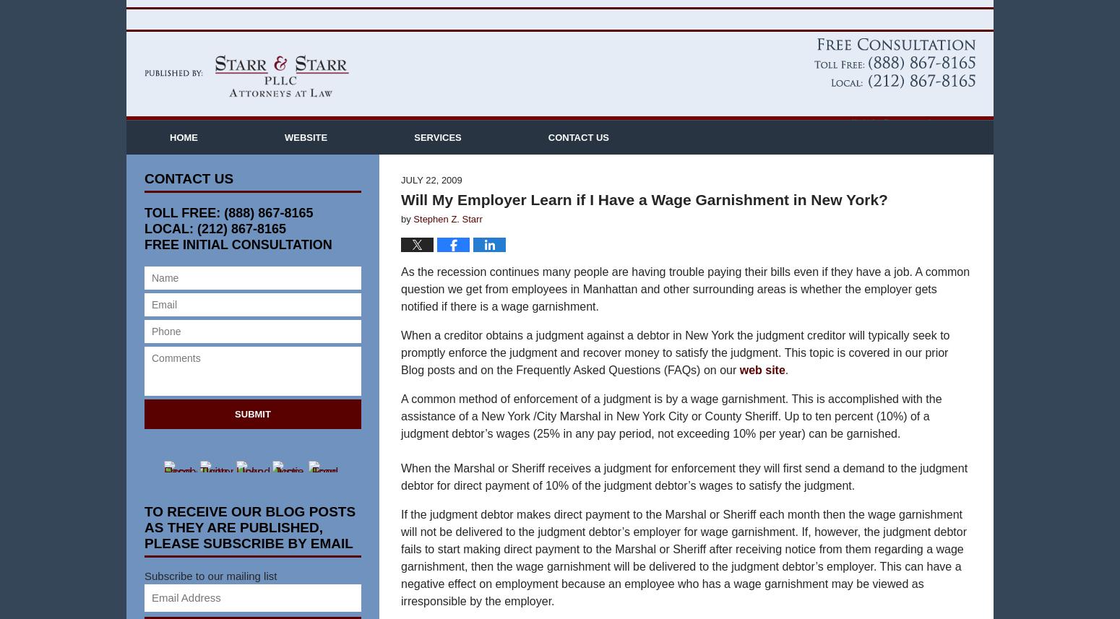 The width and height of the screenshot is (1120, 619). I want to click on 'web site', so click(739, 391).